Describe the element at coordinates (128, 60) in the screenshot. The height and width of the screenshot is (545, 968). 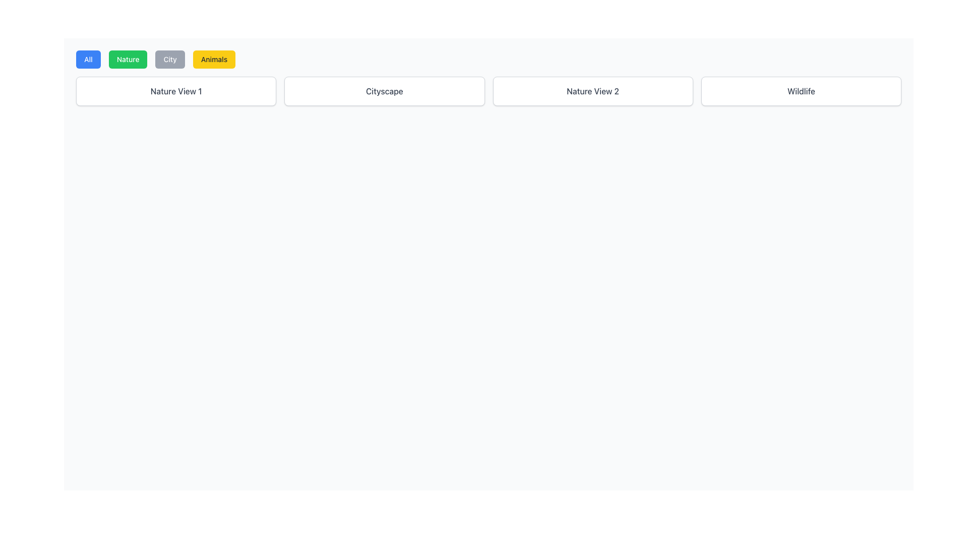
I see `the 'Nature' button, the second button from the left in a group of four buttons` at that location.